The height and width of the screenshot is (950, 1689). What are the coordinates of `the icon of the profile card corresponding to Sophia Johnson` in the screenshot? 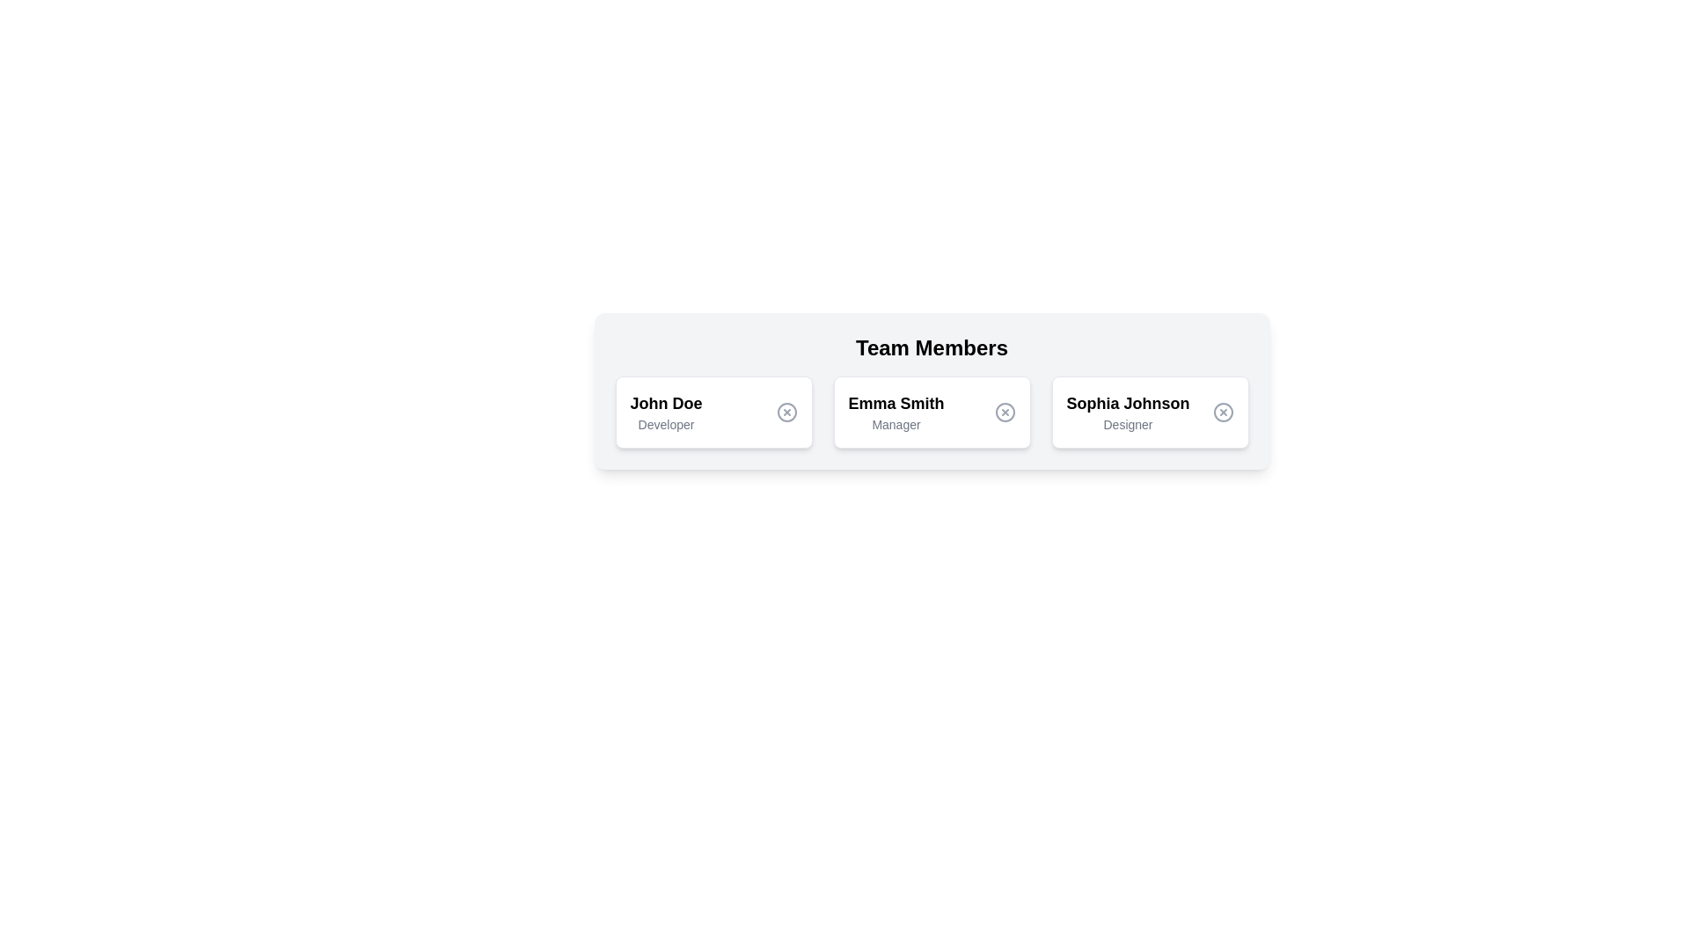 It's located at (1222, 413).